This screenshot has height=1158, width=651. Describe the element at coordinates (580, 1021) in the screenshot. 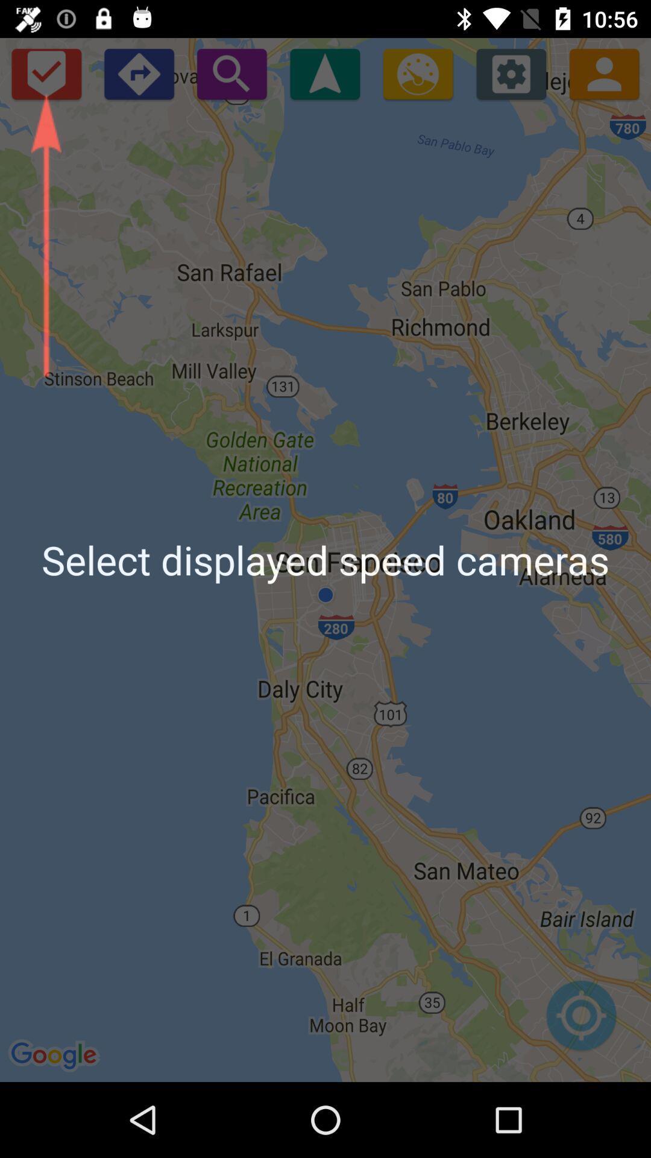

I see `the item at the bottom right corner` at that location.